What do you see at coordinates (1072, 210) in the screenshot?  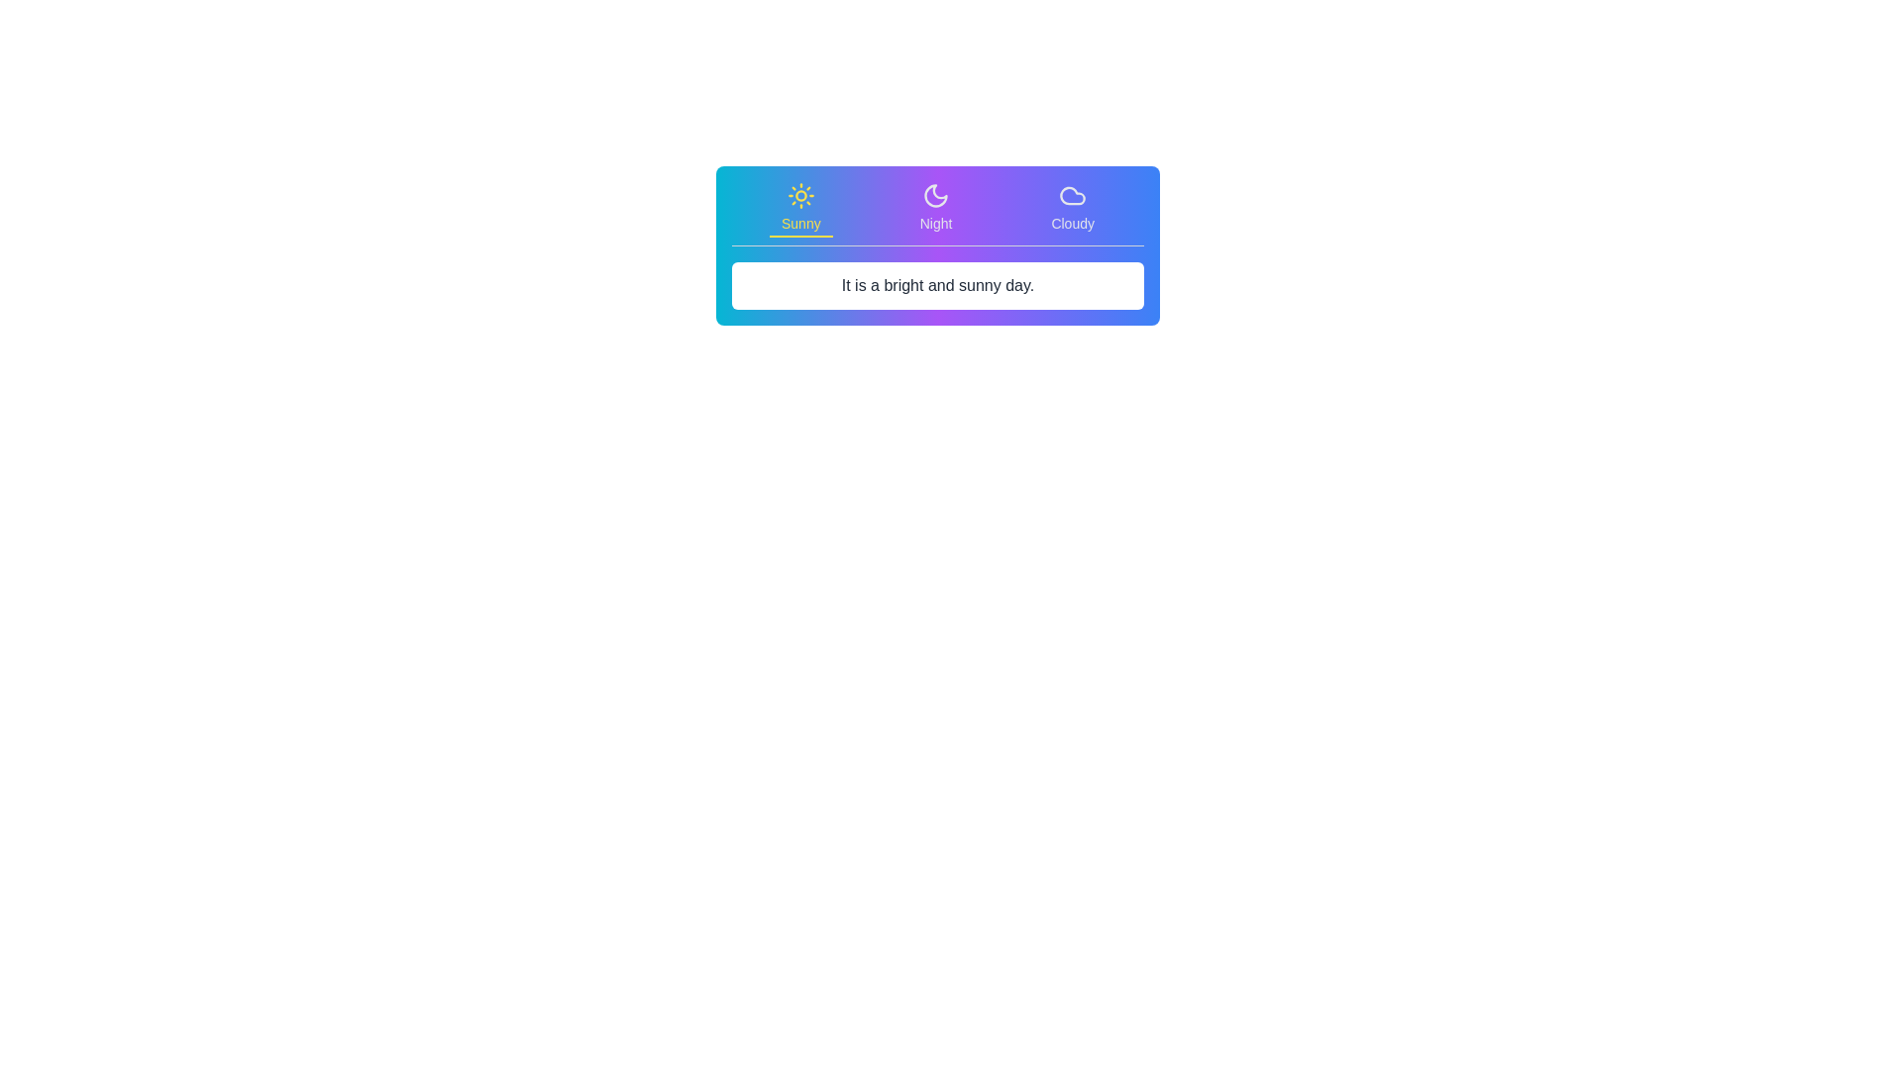 I see `the 'Cloudy' button with a cloud icon` at bounding box center [1072, 210].